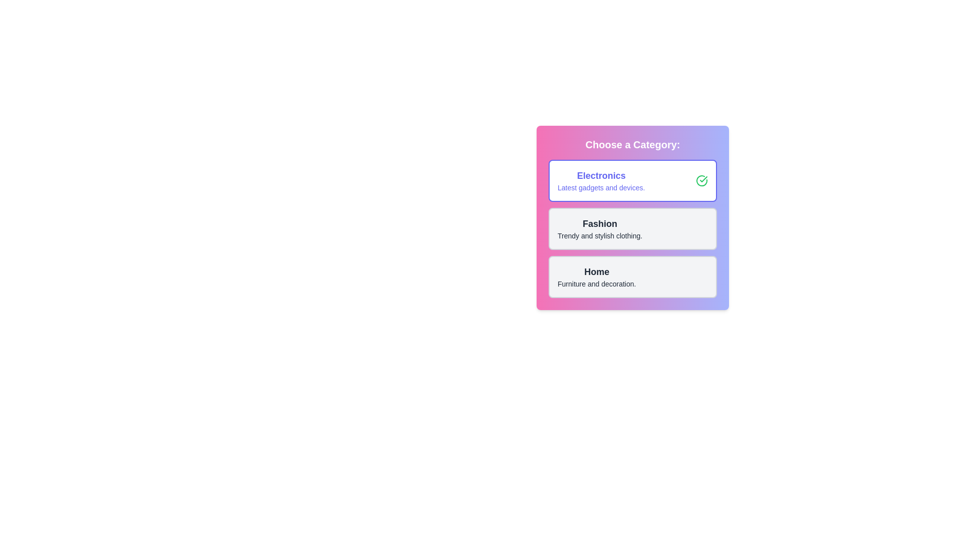  I want to click on the confirmation icon indicating the 'Electronics' category selection, located in the topmost section aligned with the title text, so click(701, 181).